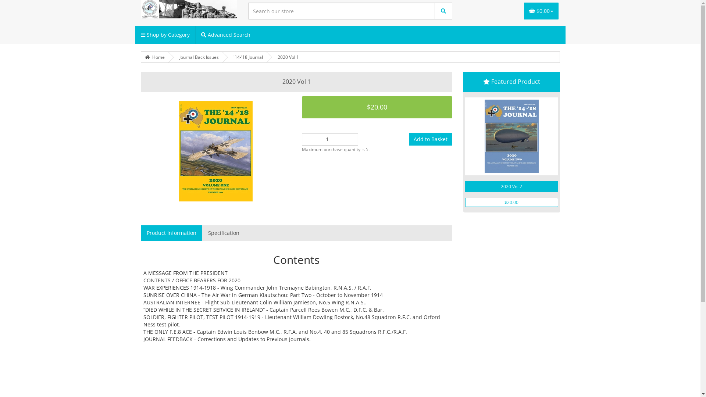 Image resolution: width=706 pixels, height=397 pixels. I want to click on '2020 Vol 2', so click(511, 186).